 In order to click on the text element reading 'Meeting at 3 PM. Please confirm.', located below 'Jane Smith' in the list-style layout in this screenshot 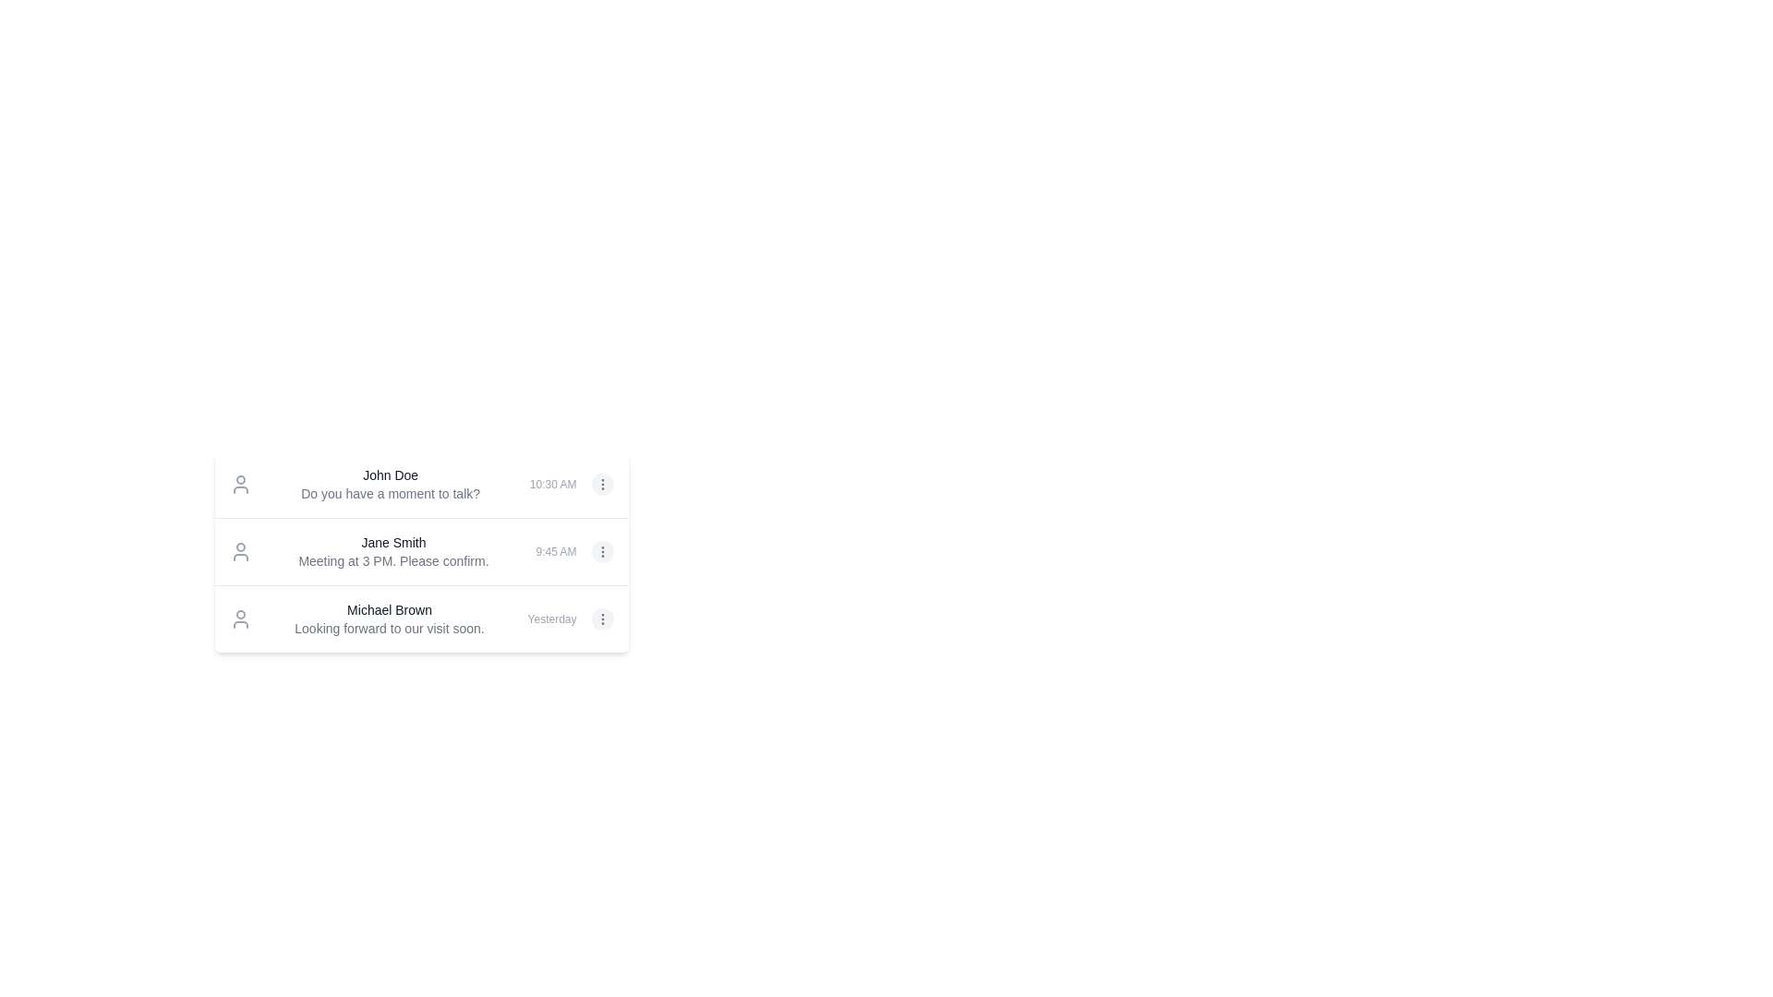, I will do `click(392, 560)`.